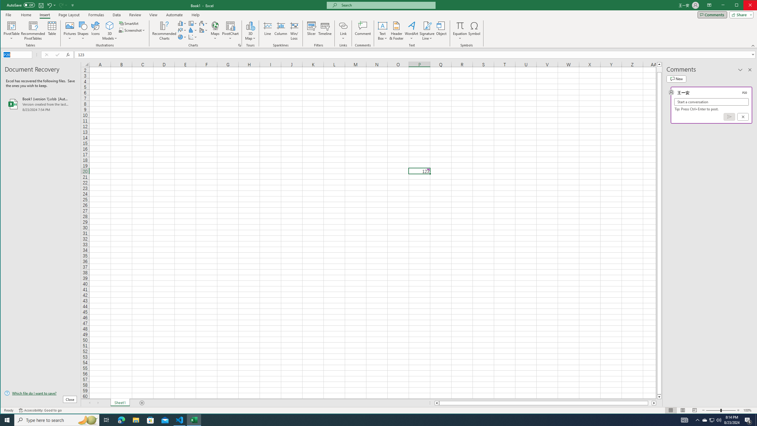 This screenshot has height=426, width=757. What do you see at coordinates (729, 117) in the screenshot?
I see `'Post comment (Ctrl + Enter)'` at bounding box center [729, 117].